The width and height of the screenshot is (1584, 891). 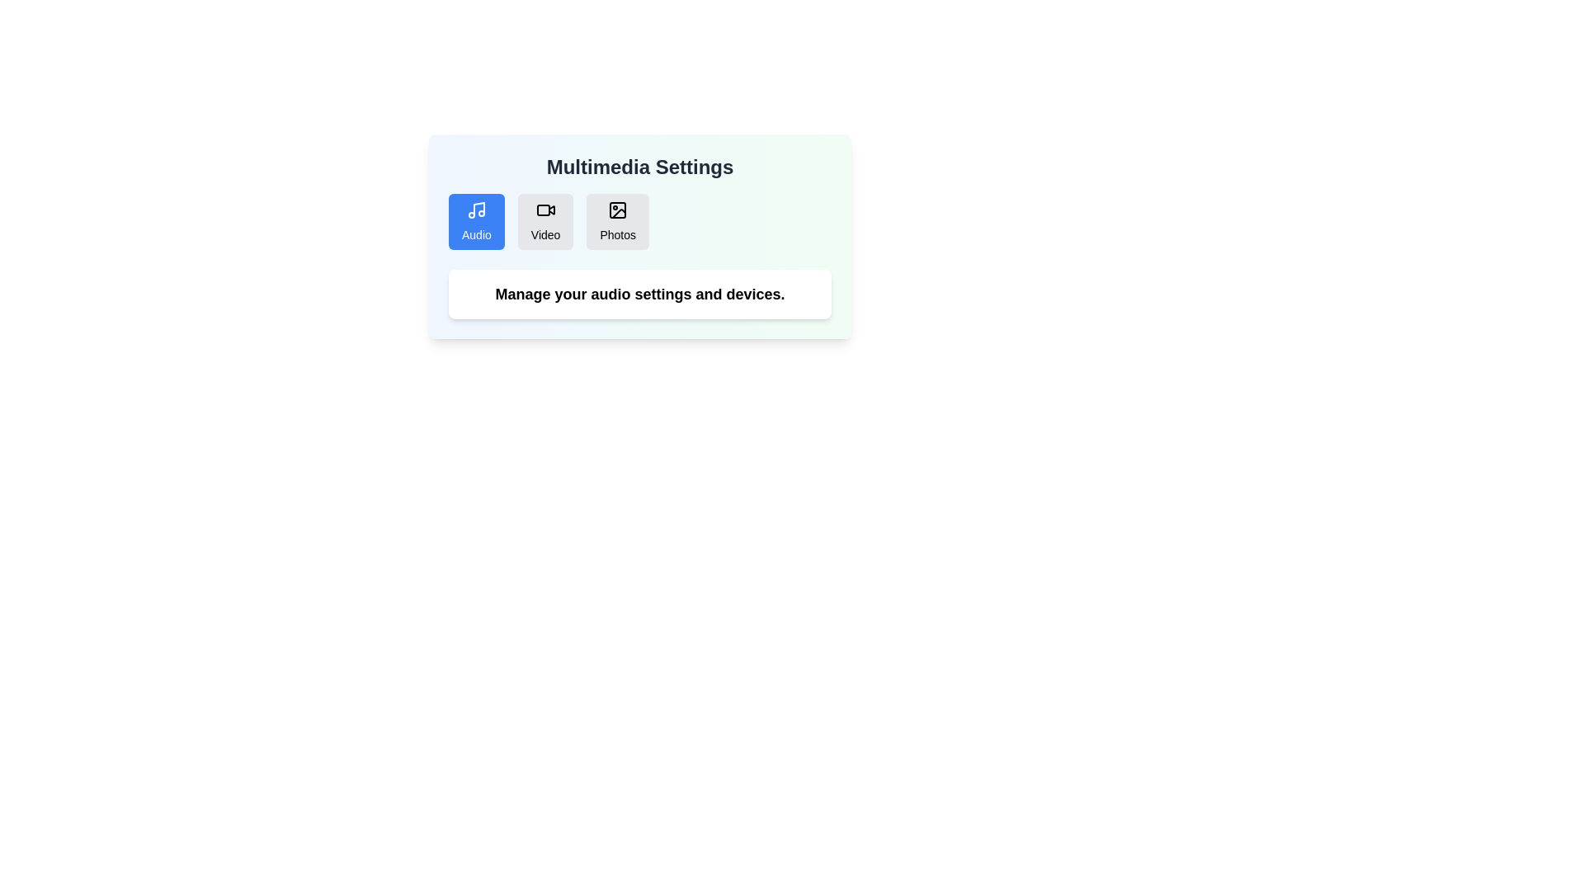 What do you see at coordinates (545, 209) in the screenshot?
I see `the non-interactive video icon that visually represents the video section of a multimedia settings interface, located in the middle button of a row flanked by blue 'Audio' and gray 'Photos' buttons` at bounding box center [545, 209].